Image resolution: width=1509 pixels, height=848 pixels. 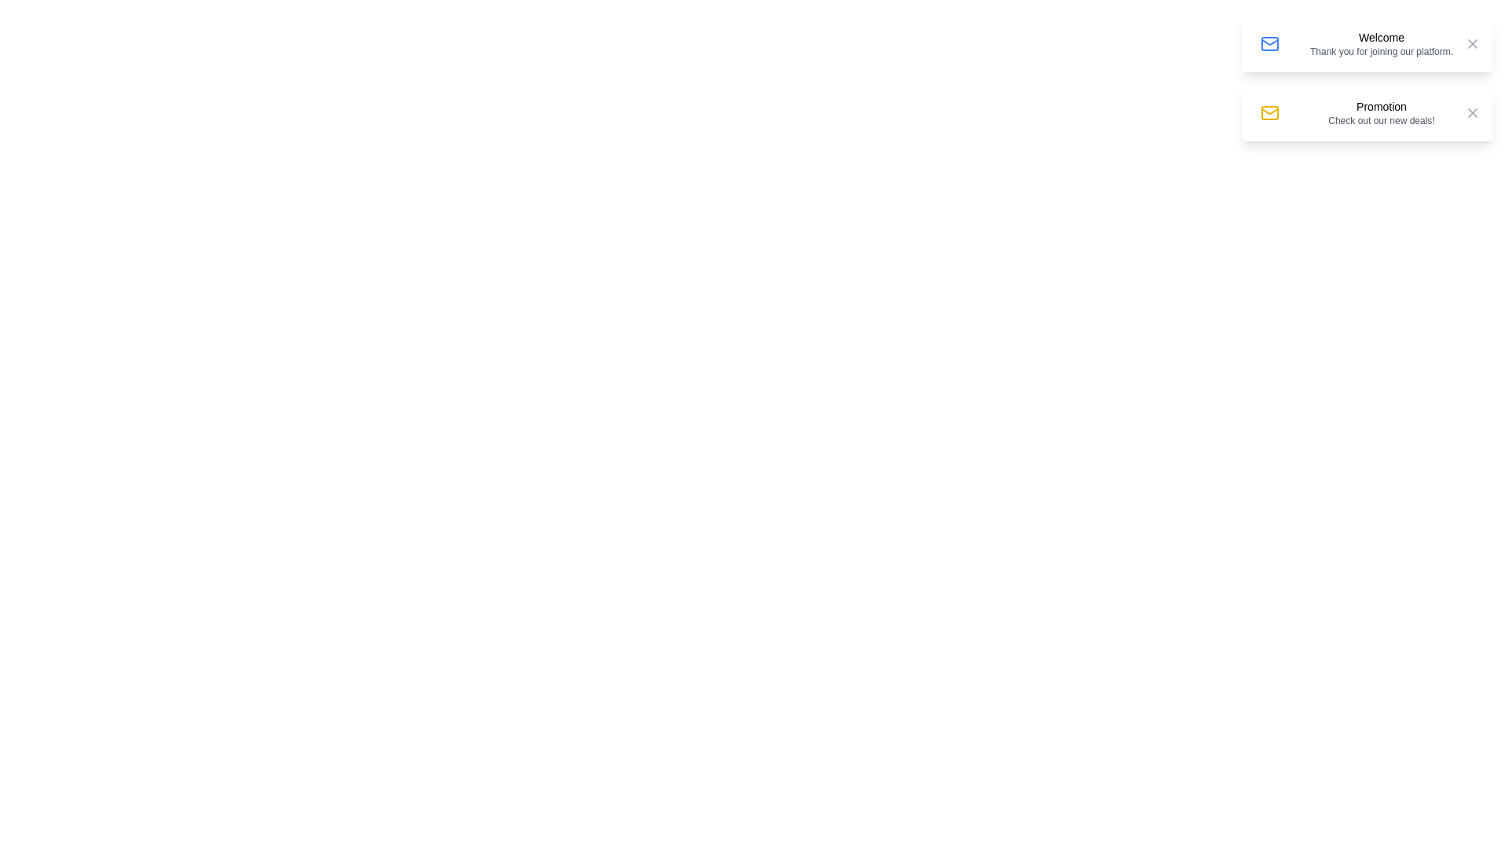 I want to click on the close button represented by an 'X' icon in the top-right corner of the second notification card labeled 'Promotion', so click(x=1471, y=111).